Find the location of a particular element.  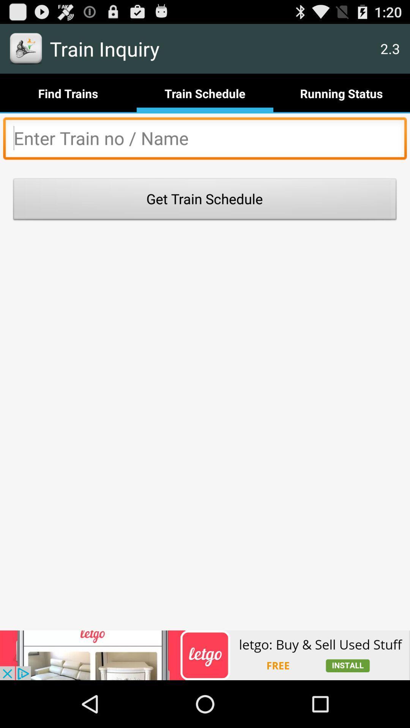

train number or name is located at coordinates (205, 140).